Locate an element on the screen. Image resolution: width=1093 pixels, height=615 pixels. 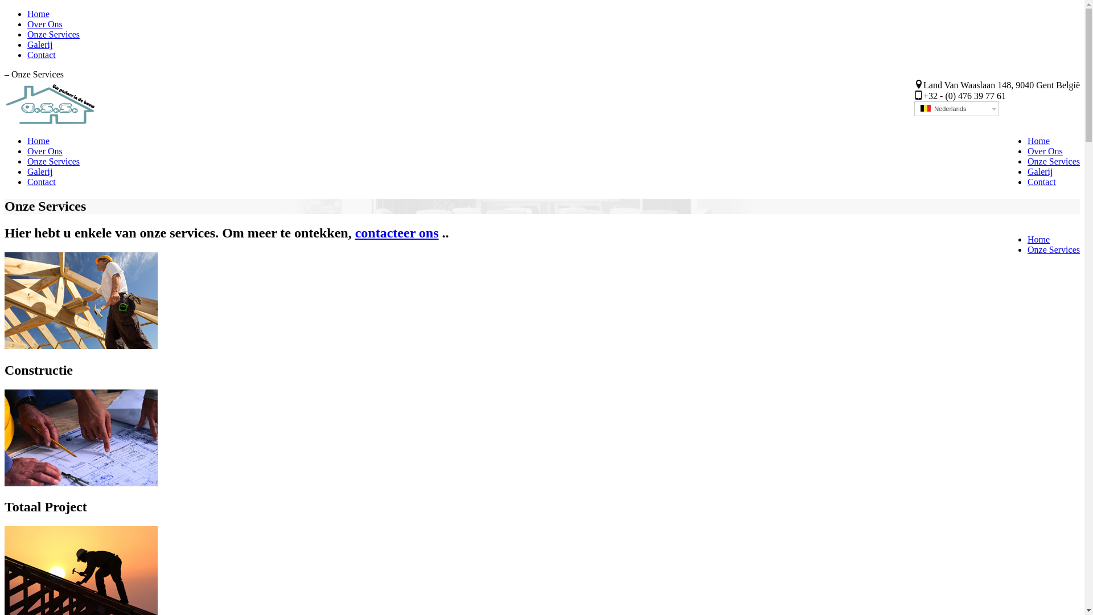
'Home' is located at coordinates (1038, 239).